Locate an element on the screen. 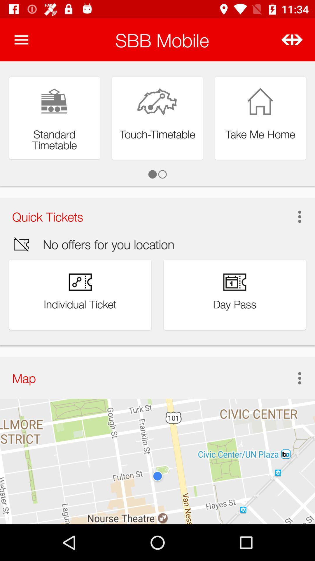 The image size is (315, 561). the icon to the left of the sbb mobile icon is located at coordinates (21, 39).